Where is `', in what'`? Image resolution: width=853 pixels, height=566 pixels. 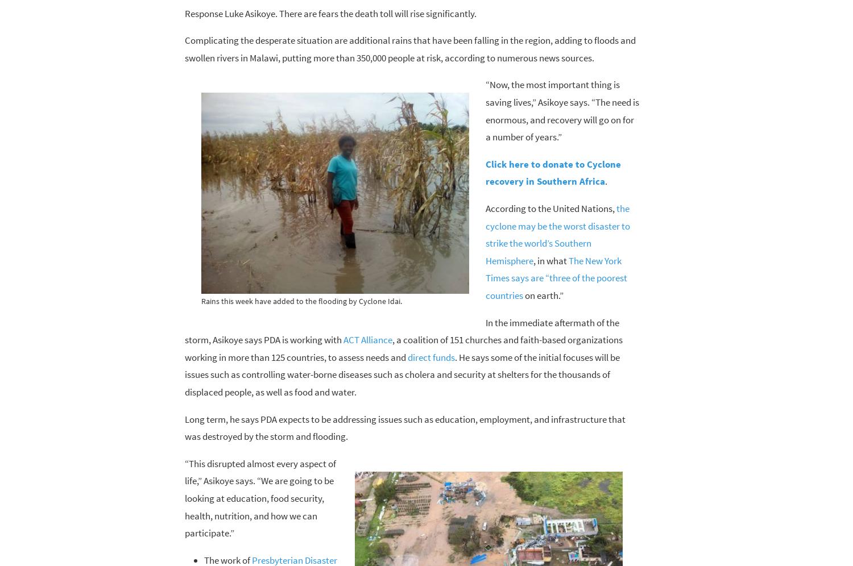
', in what' is located at coordinates (549, 259).